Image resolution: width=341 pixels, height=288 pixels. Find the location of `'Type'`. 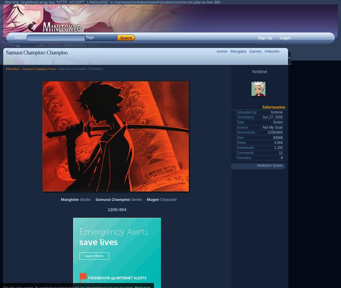

'Type' is located at coordinates (240, 122).